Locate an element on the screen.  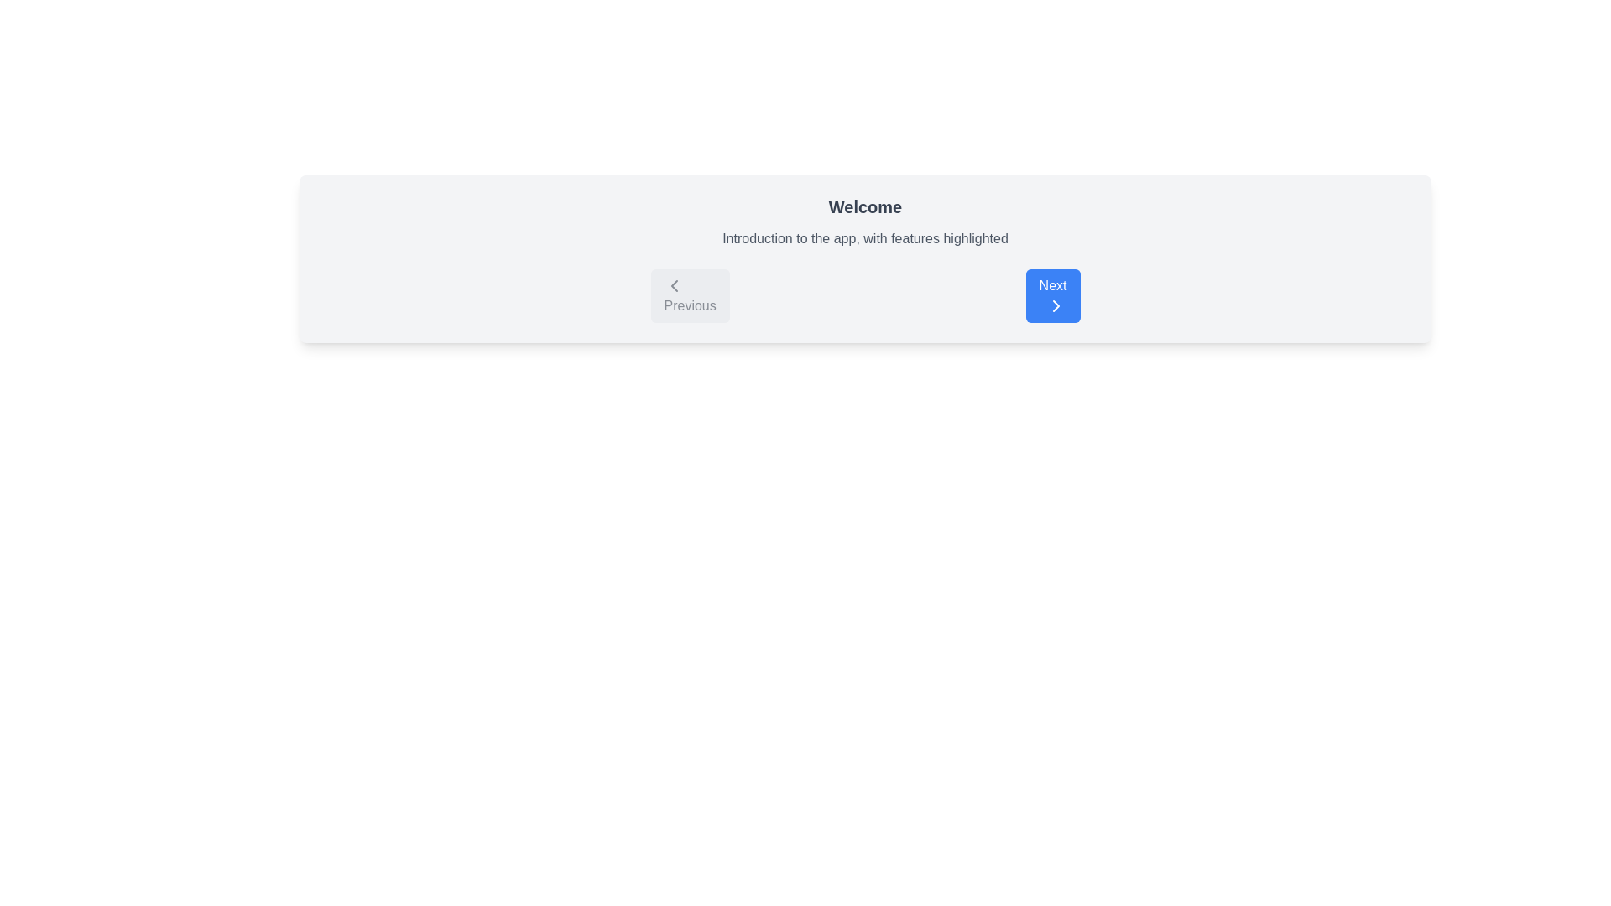
the disabled navigation button located to the left of the 'Next' button in the navigation section is located at coordinates (690, 295).